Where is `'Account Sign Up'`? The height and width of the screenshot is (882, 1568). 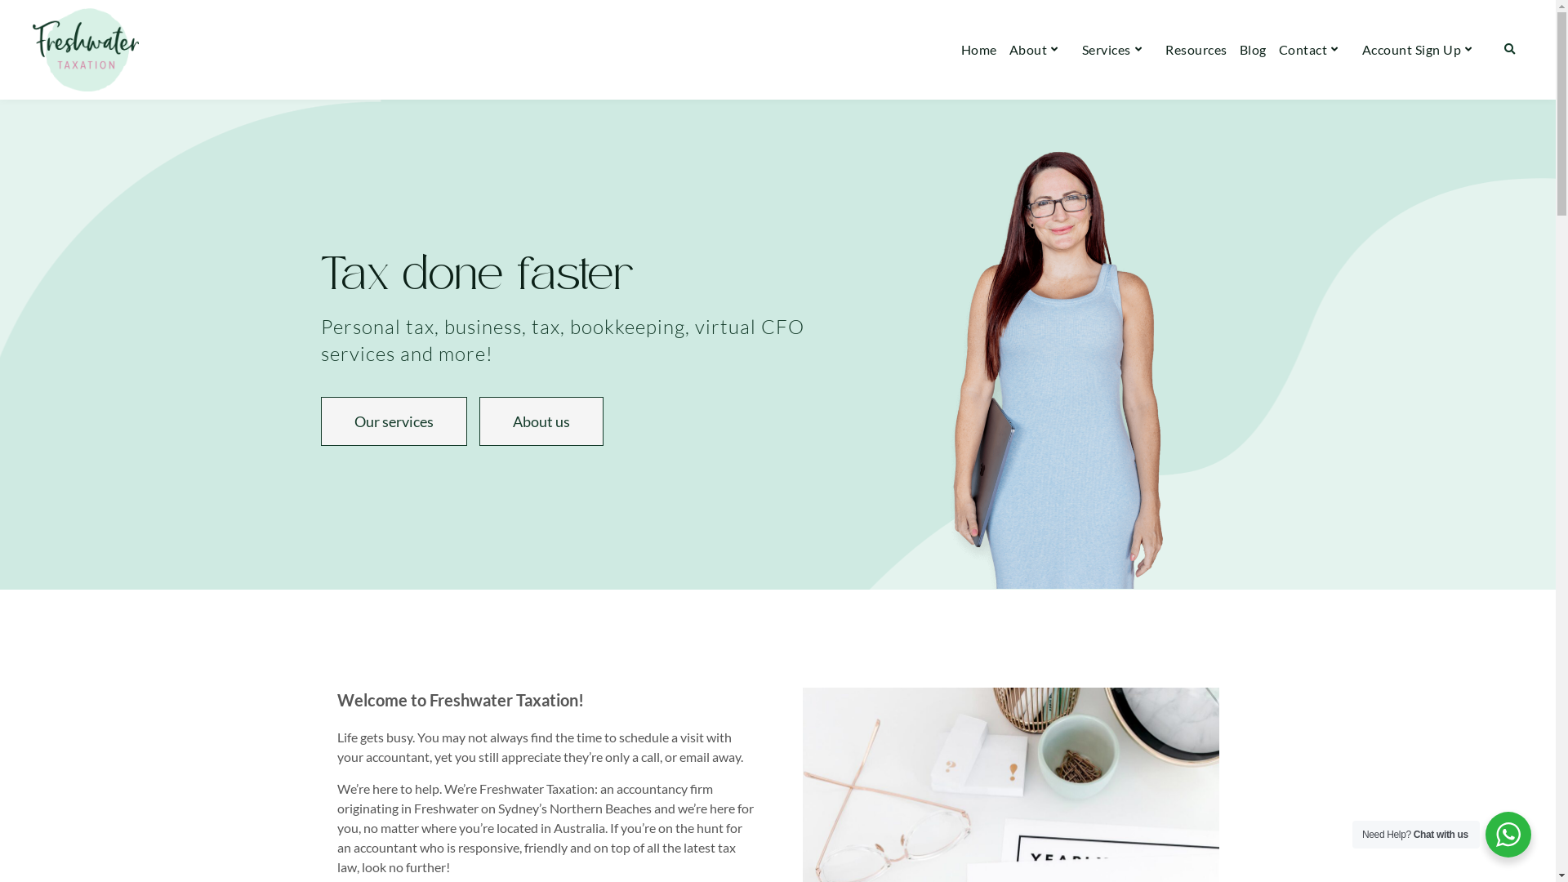 'Account Sign Up' is located at coordinates (1422, 49).